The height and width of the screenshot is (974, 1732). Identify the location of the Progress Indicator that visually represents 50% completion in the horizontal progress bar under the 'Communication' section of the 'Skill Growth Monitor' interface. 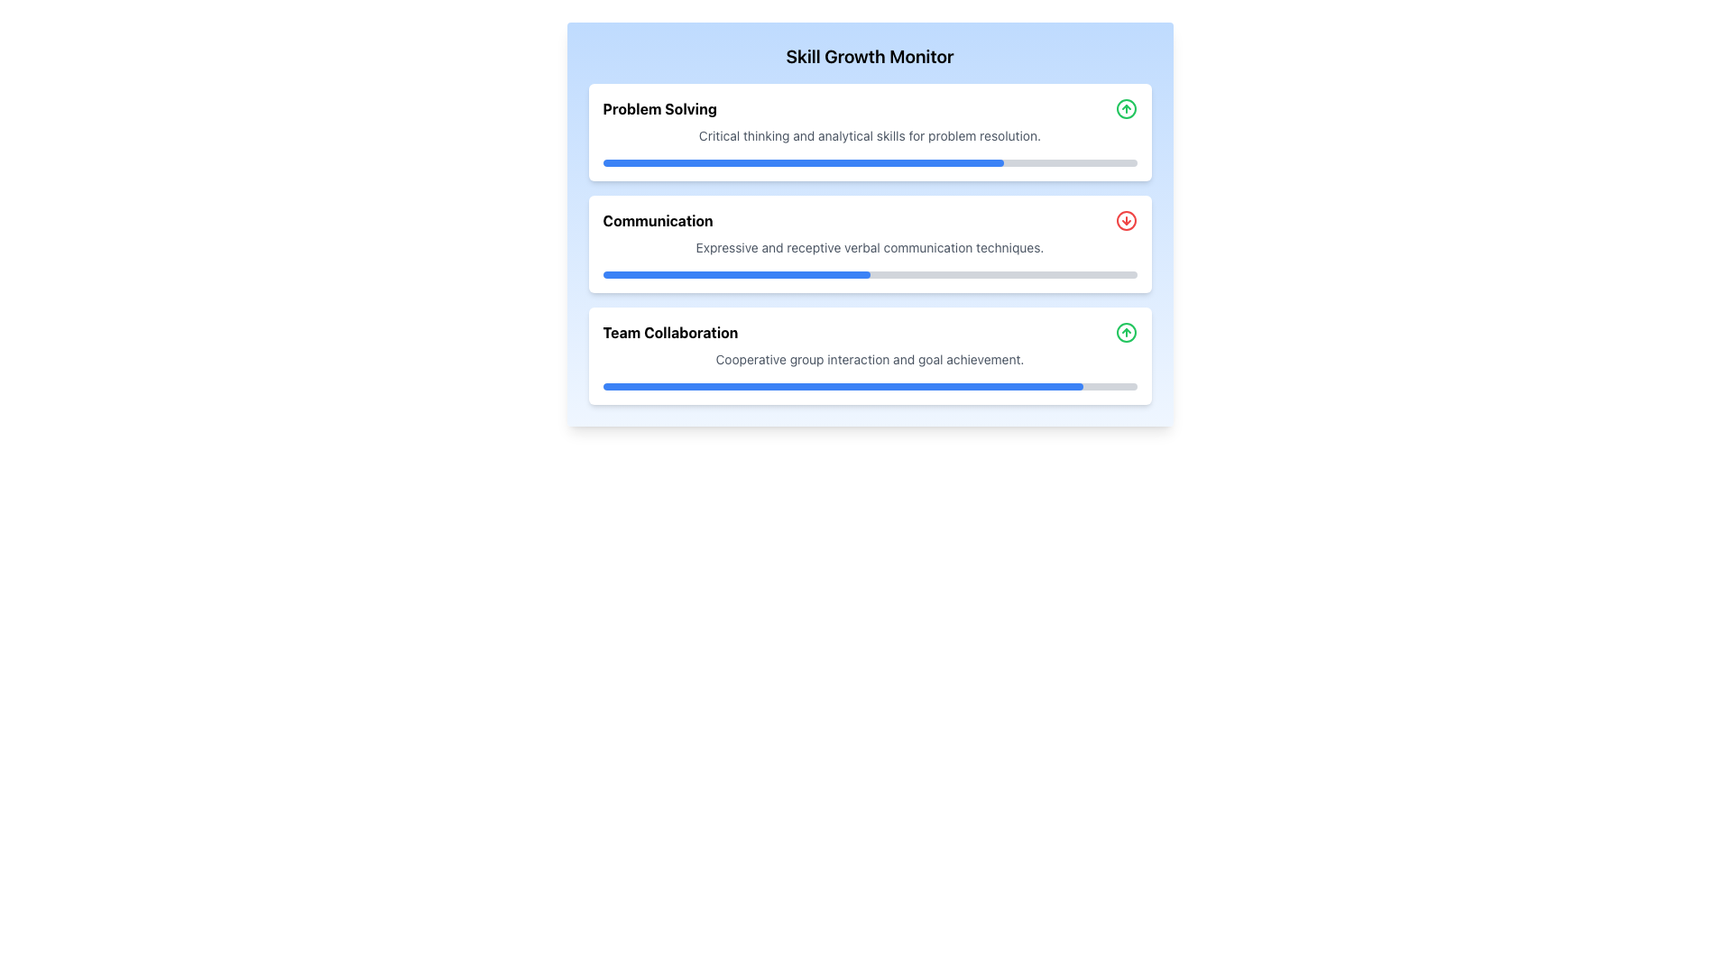
(736, 274).